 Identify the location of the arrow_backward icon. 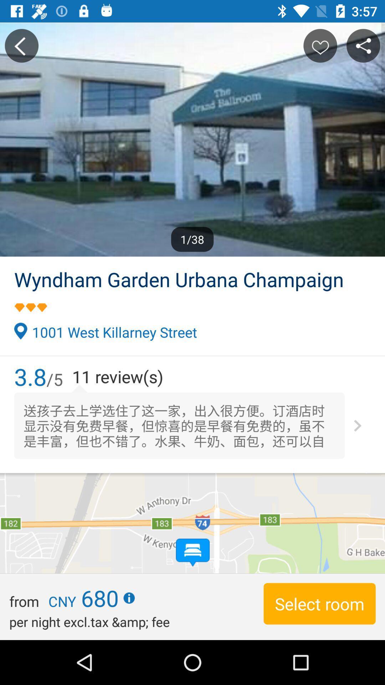
(21, 45).